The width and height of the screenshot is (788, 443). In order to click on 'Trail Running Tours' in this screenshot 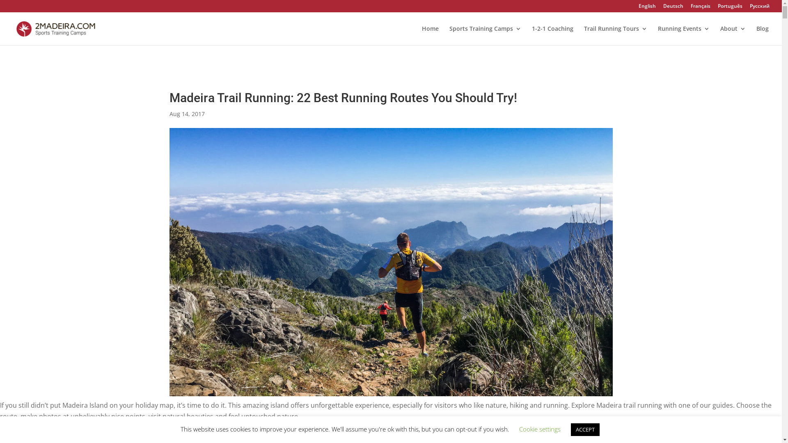, I will do `click(583, 35)`.